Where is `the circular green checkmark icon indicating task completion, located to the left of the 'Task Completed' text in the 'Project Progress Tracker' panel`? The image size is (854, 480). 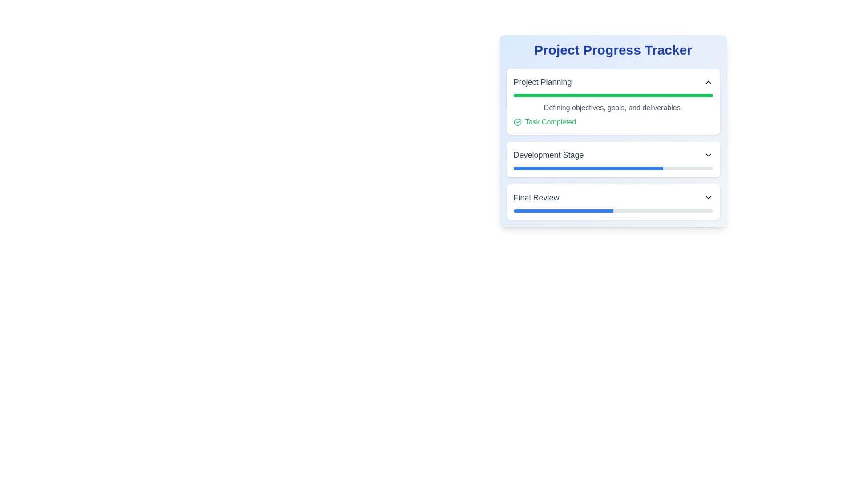
the circular green checkmark icon indicating task completion, located to the left of the 'Task Completed' text in the 'Project Progress Tracker' panel is located at coordinates (517, 122).